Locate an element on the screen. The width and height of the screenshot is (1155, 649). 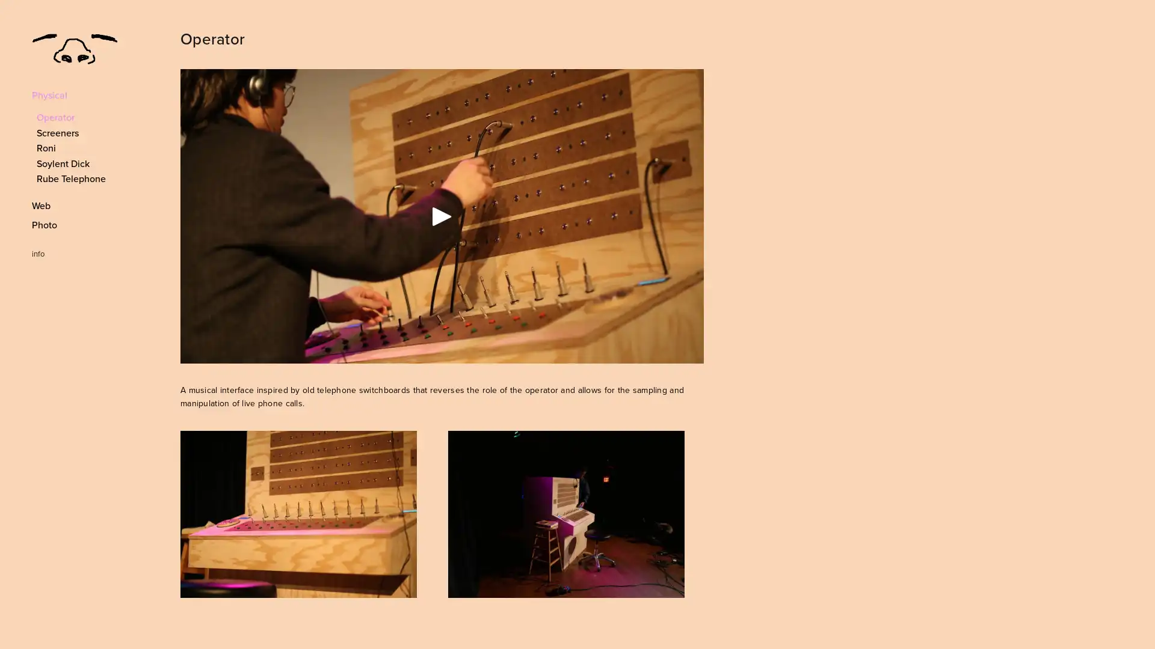
View fullsize 8V8B9813.JPG is located at coordinates (308, 526).